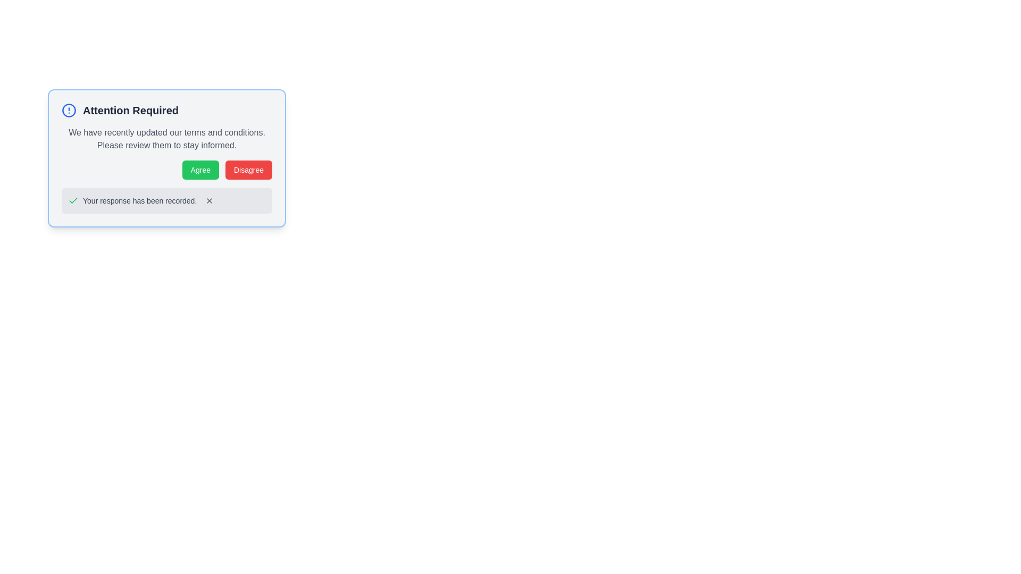  What do you see at coordinates (130, 111) in the screenshot?
I see `text displayed in the Label/Text Display located to the right of the icon at the top center of the modal section` at bounding box center [130, 111].